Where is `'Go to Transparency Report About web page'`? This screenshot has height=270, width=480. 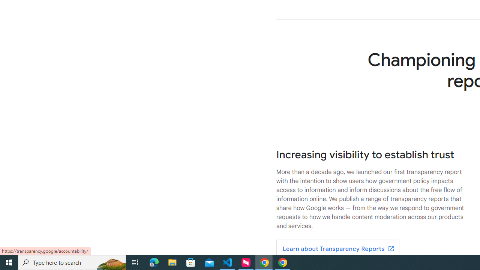 'Go to Transparency Report About web page' is located at coordinates (337, 249).